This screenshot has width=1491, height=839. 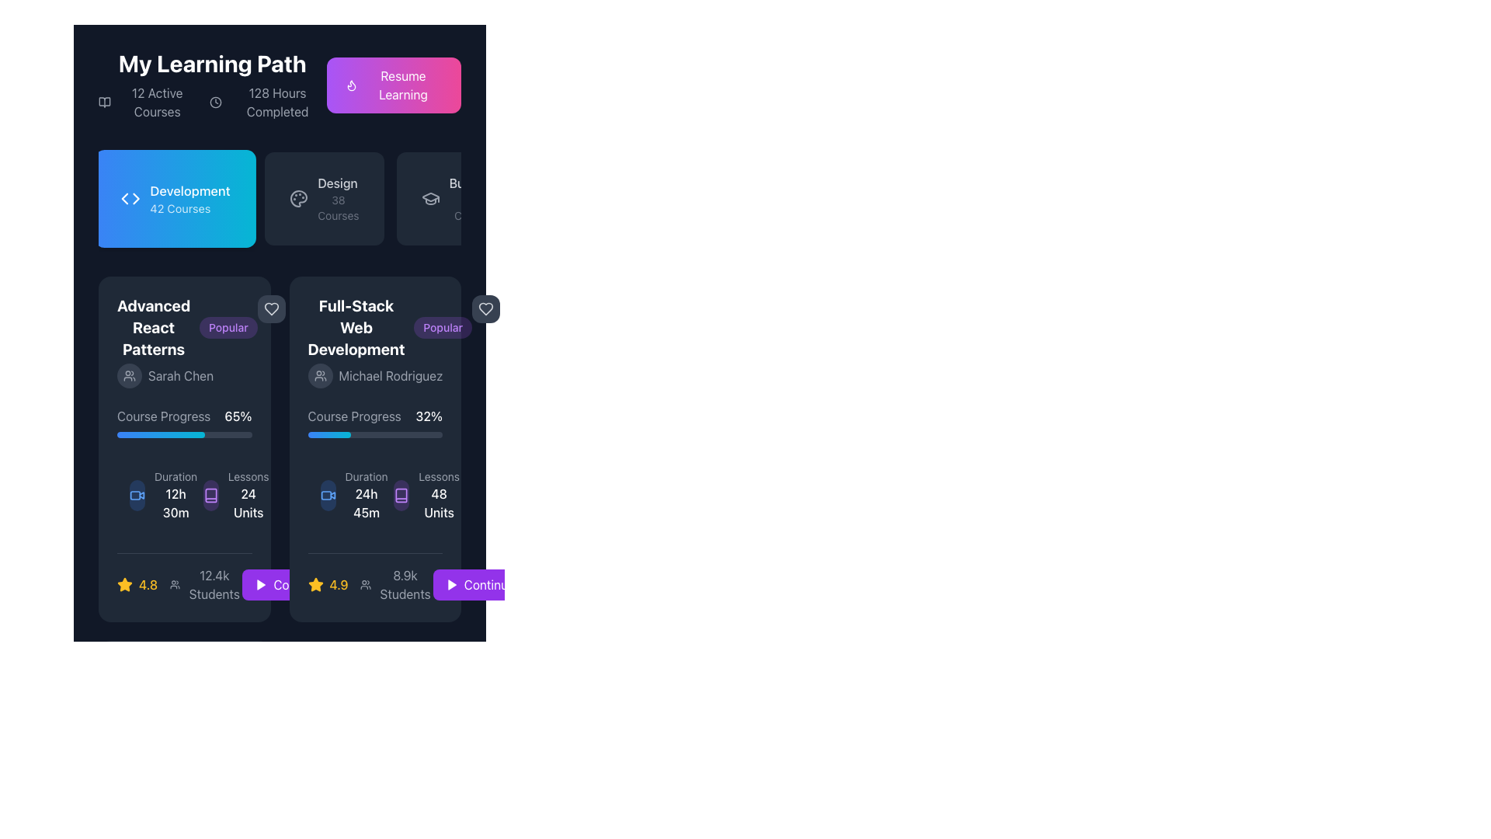 What do you see at coordinates (186, 375) in the screenshot?
I see `the label 'Sarah Chen' which is styled in light gray and contains a user silhouette icon, located within the 'Advanced React Patterns' card` at bounding box center [186, 375].